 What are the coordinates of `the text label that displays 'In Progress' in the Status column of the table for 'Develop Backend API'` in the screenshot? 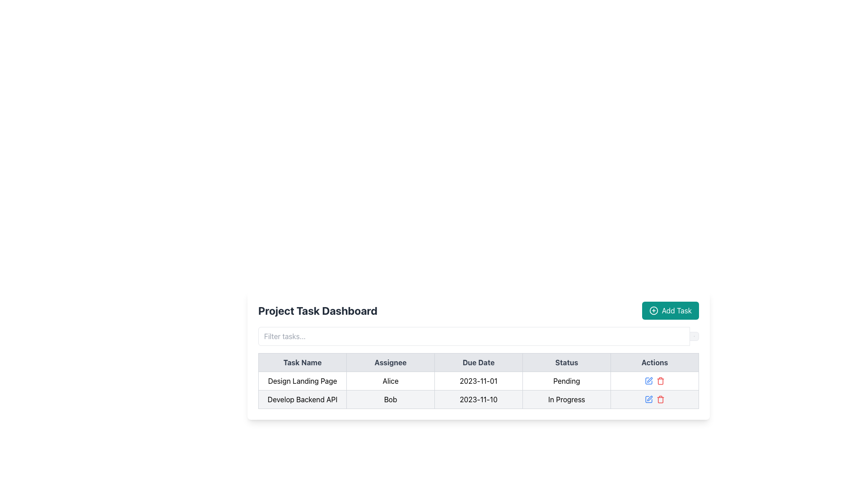 It's located at (566, 399).